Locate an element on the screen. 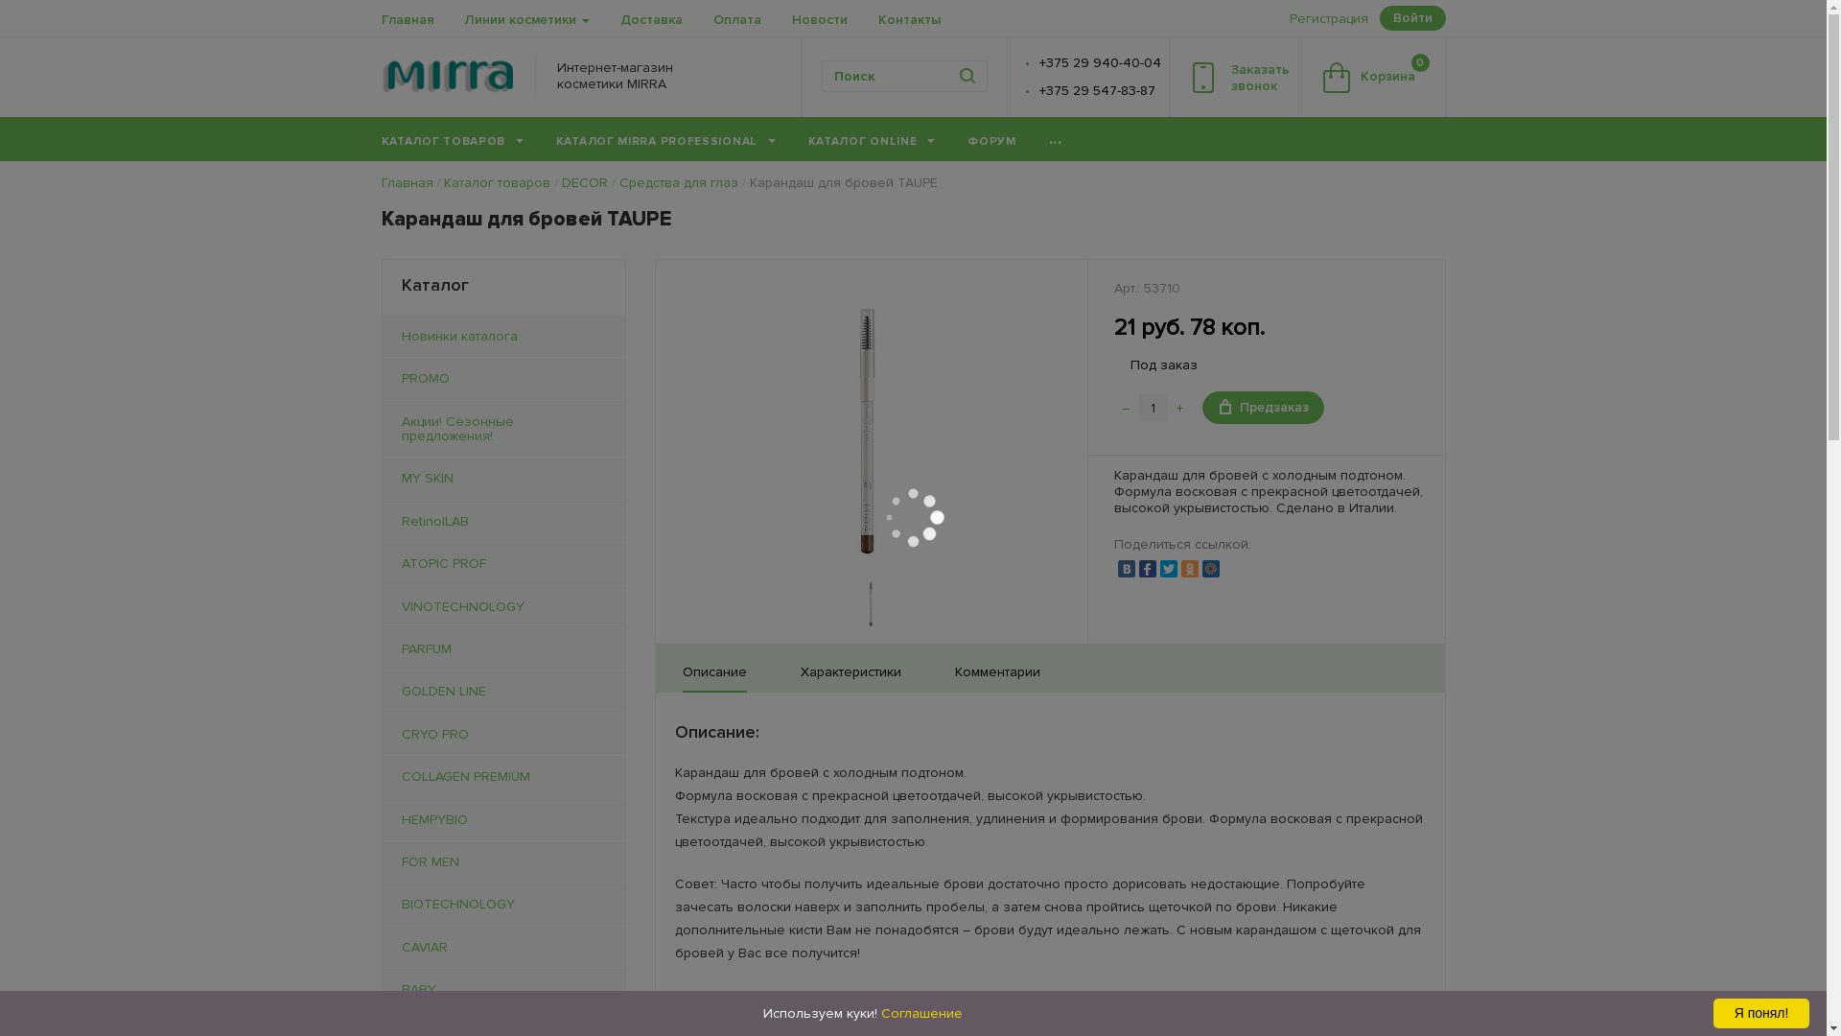 The height and width of the screenshot is (1036, 1841). 'ATOPIC PROF' is located at coordinates (502, 562).